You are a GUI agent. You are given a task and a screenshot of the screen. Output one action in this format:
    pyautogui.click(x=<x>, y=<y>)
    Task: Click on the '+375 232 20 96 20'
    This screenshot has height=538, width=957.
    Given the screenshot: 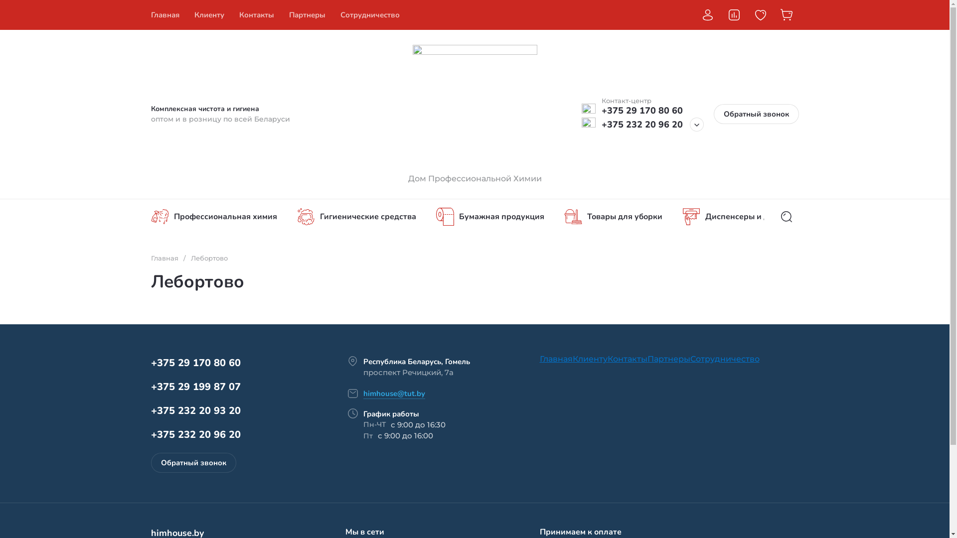 What is the action you would take?
    pyautogui.click(x=641, y=124)
    